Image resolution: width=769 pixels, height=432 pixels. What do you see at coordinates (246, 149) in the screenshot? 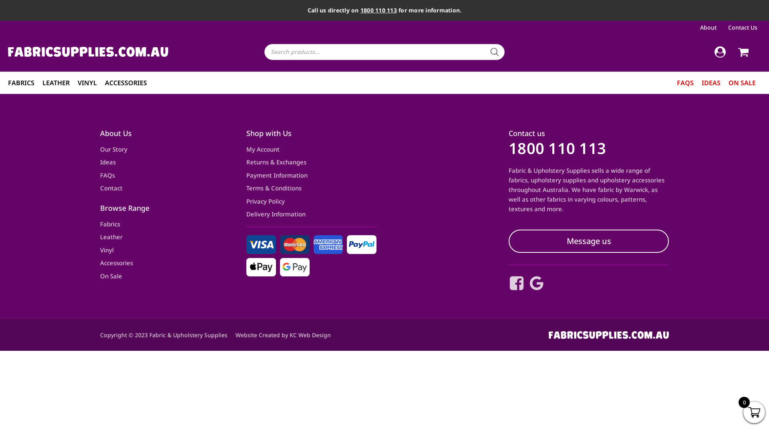
I see `'My Account'` at bounding box center [246, 149].